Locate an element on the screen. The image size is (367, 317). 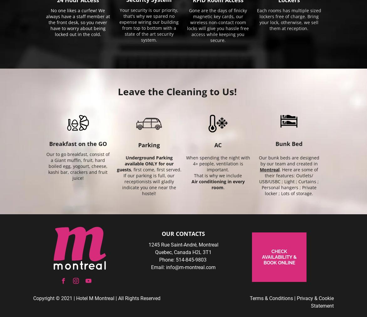
'Phone:' is located at coordinates (166, 259).